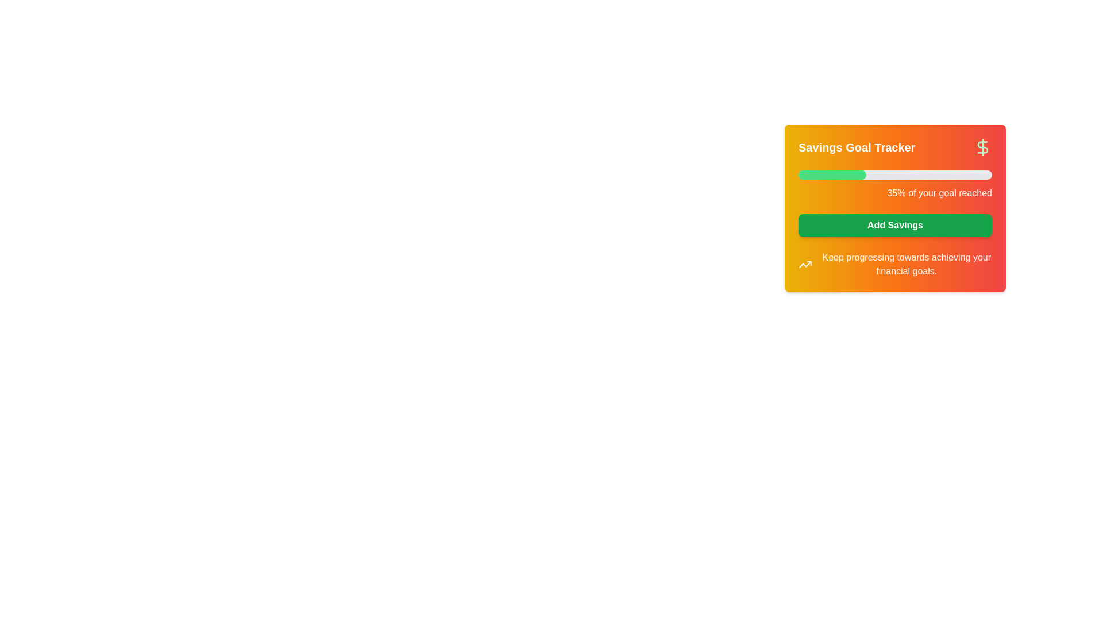  What do you see at coordinates (804, 265) in the screenshot?
I see `the upward trend icon representing financial progress, which is the leftmost item in the horizontal layout` at bounding box center [804, 265].